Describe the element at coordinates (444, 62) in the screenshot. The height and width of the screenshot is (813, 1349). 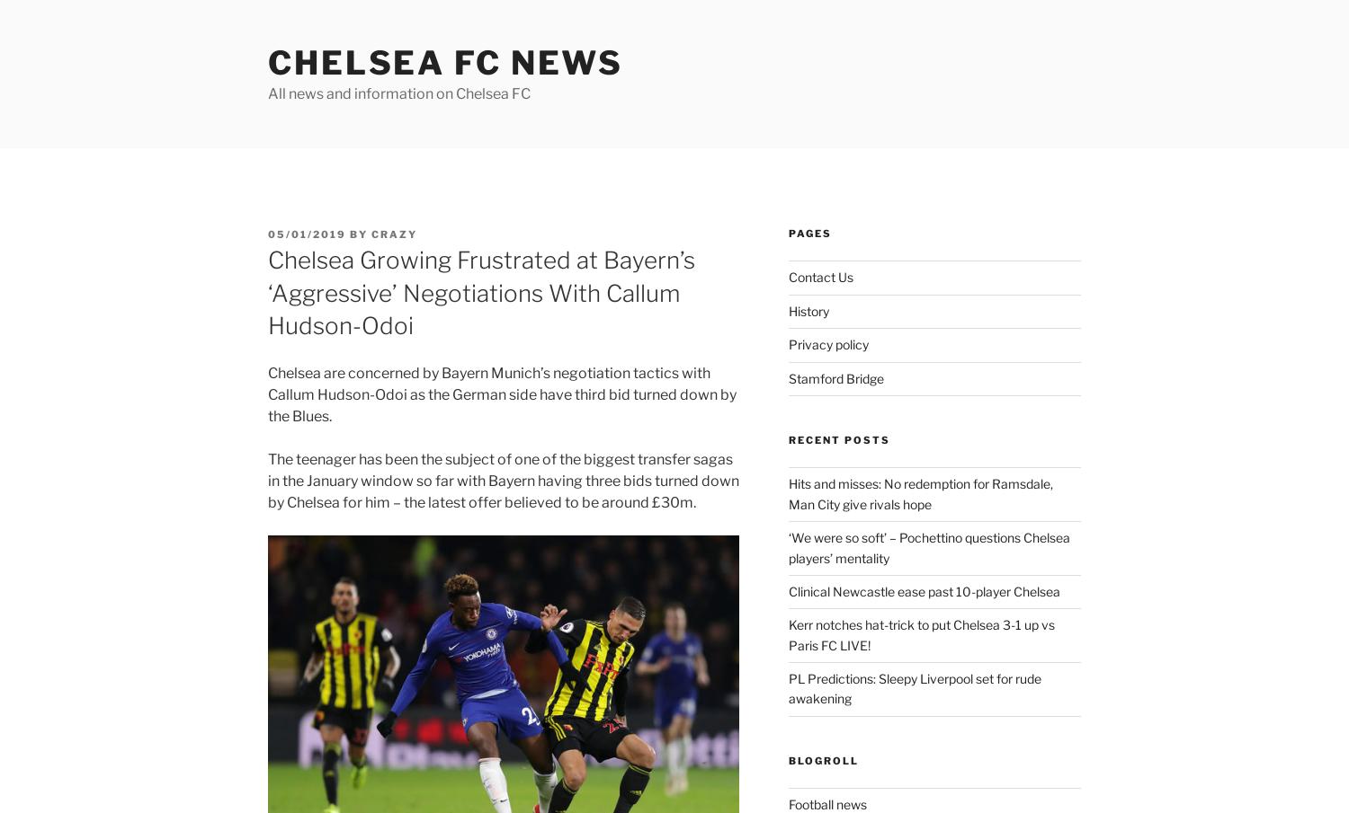
I see `'Chelsea FC News'` at that location.